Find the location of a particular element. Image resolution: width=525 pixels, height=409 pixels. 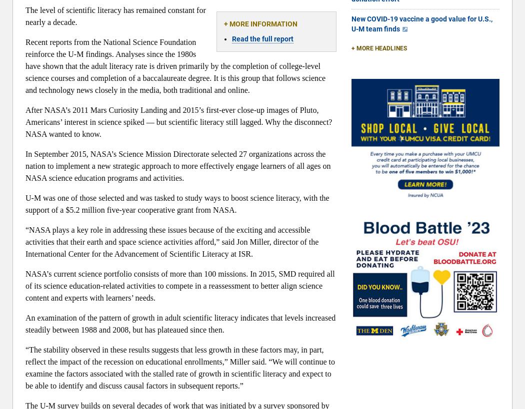

'An examination of the pattern of growth in adult scientific literacy indicates that levels increased steadily between 1988 and 2008, but has plateaued since then.' is located at coordinates (25, 324).